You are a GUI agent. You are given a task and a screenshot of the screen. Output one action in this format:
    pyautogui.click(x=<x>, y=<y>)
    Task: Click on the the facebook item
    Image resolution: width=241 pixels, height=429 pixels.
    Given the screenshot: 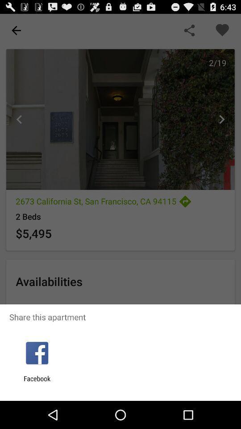 What is the action you would take?
    pyautogui.click(x=37, y=382)
    